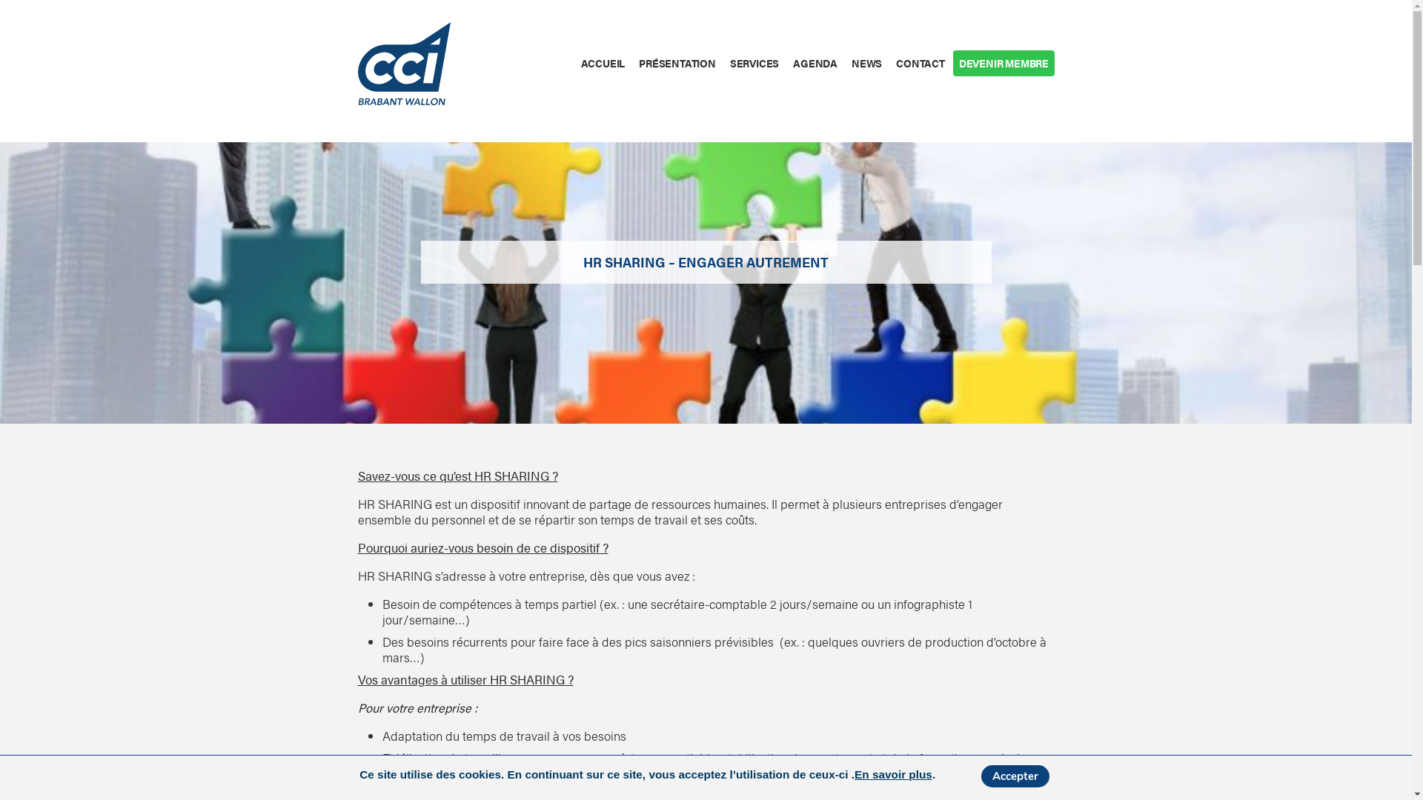  What do you see at coordinates (1014, 776) in the screenshot?
I see `'Accepter'` at bounding box center [1014, 776].